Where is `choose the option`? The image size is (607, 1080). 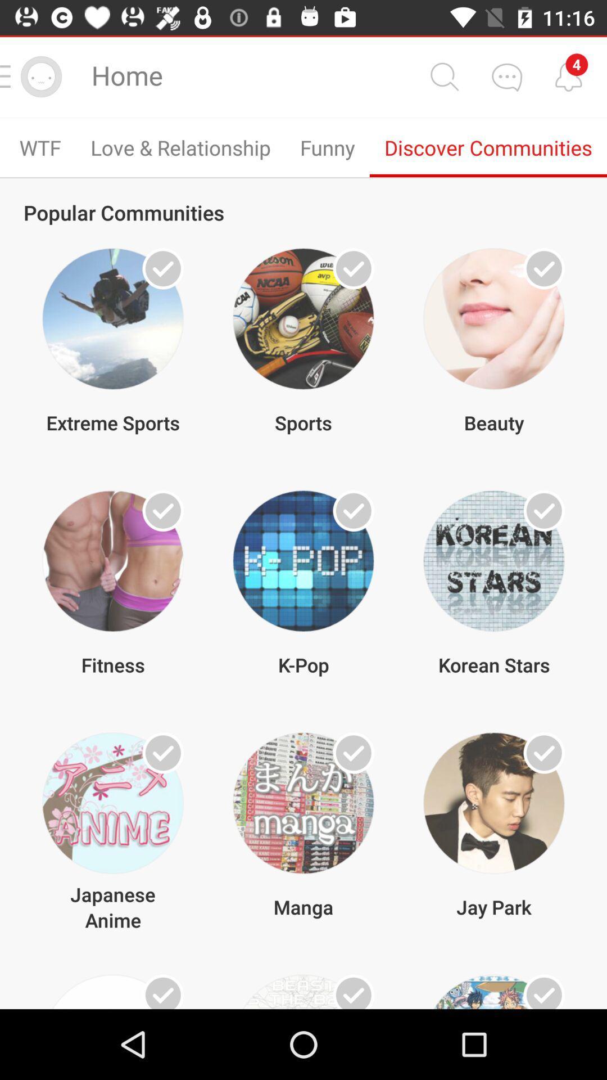 choose the option is located at coordinates (543, 753).